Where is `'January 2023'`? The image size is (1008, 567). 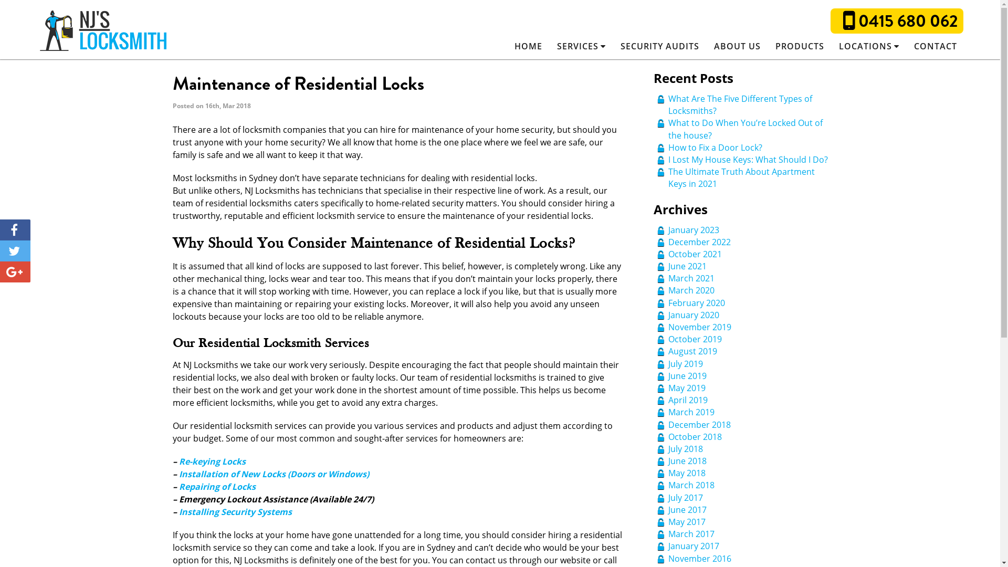 'January 2023' is located at coordinates (693, 228).